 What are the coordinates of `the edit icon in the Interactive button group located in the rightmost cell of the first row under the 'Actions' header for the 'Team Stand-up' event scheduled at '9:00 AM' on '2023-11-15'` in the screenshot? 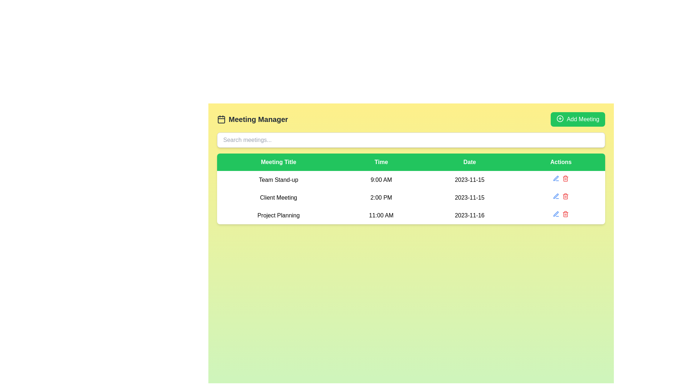 It's located at (561, 180).